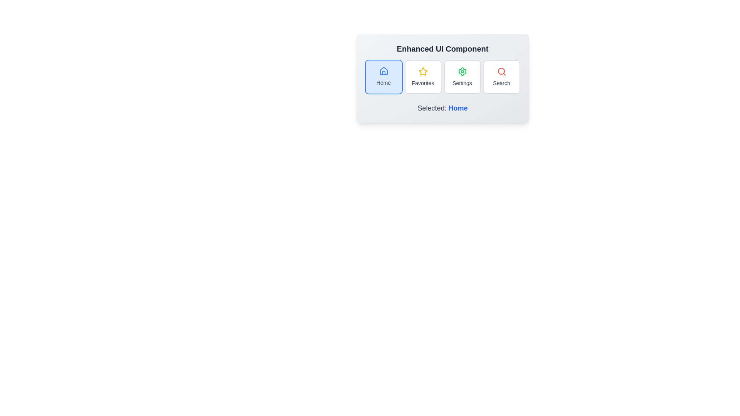  Describe the element at coordinates (383, 77) in the screenshot. I see `the 'Home' button, which is a rectangular button with a rounded border, light blue background, and a house-shaped icon above the text 'Home'` at that location.